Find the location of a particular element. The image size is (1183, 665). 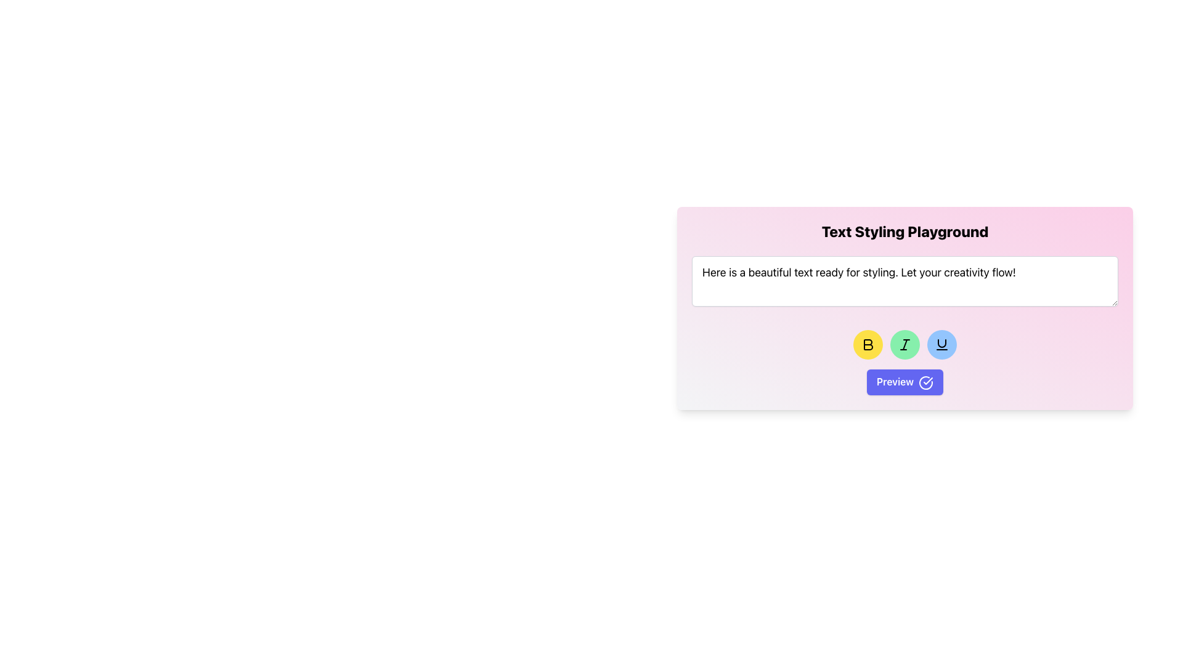

the circular light blue button with a black underlined 'U' icon is located at coordinates (941, 344).